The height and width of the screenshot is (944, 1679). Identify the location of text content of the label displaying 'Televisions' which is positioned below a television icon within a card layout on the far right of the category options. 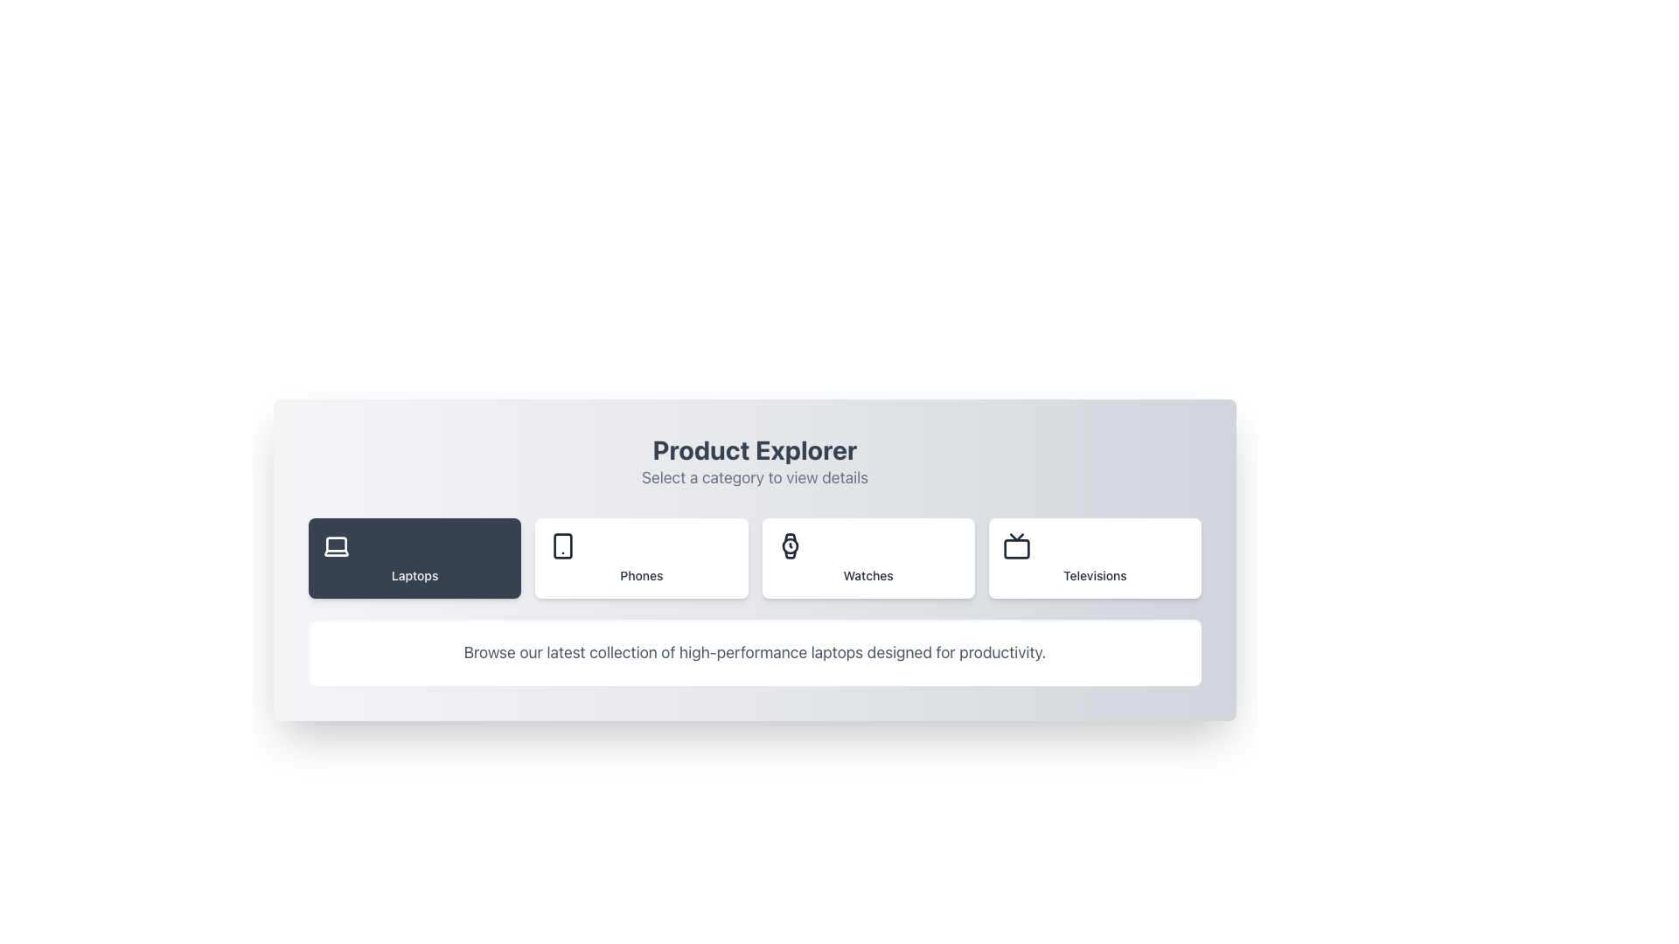
(1094, 576).